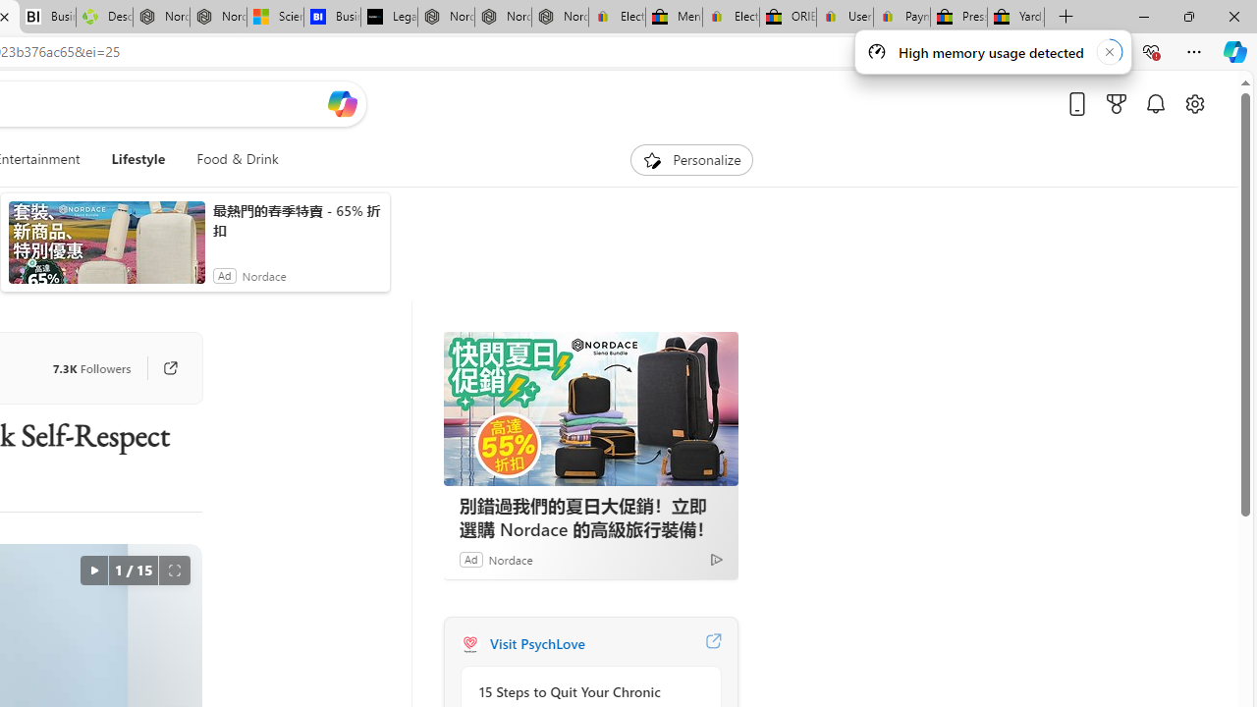 This screenshot has width=1257, height=707. I want to click on 'User Privacy Notice | eBay', so click(845, 17).